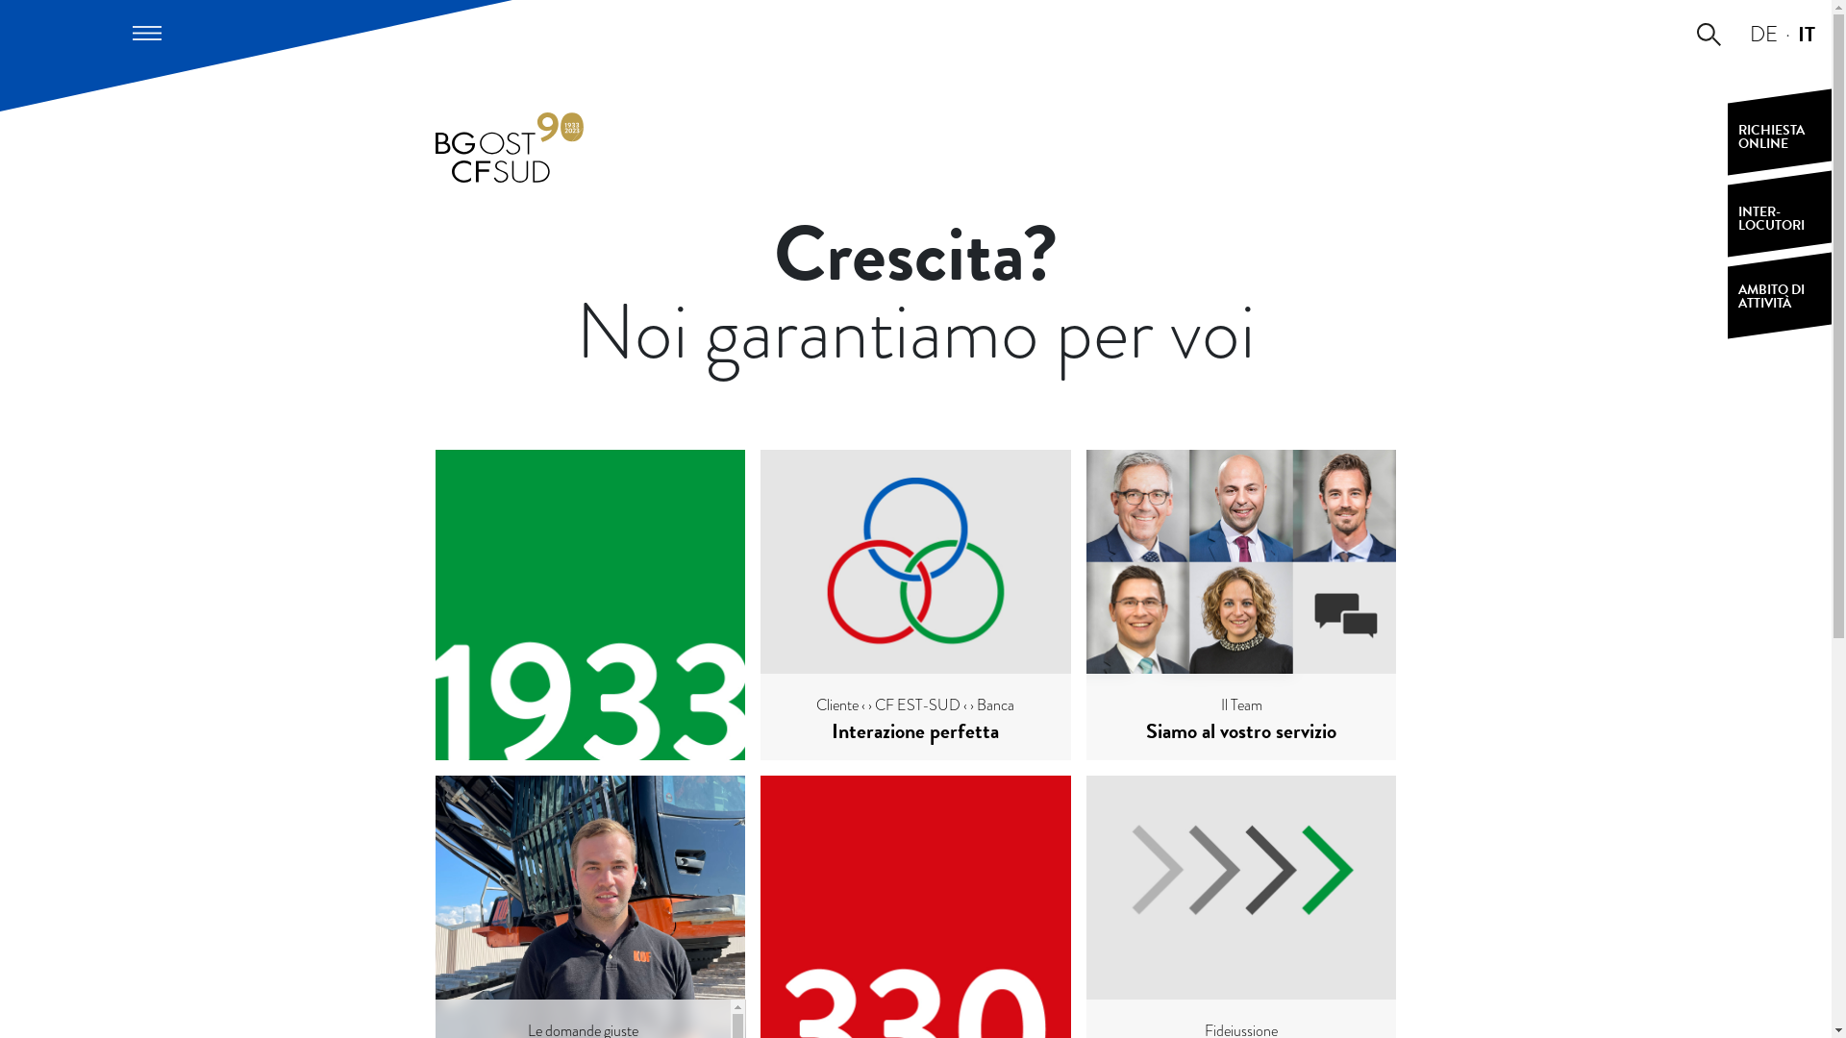 This screenshot has height=1038, width=1846. I want to click on 'RICHIESTA ONLINE', so click(1727, 131).